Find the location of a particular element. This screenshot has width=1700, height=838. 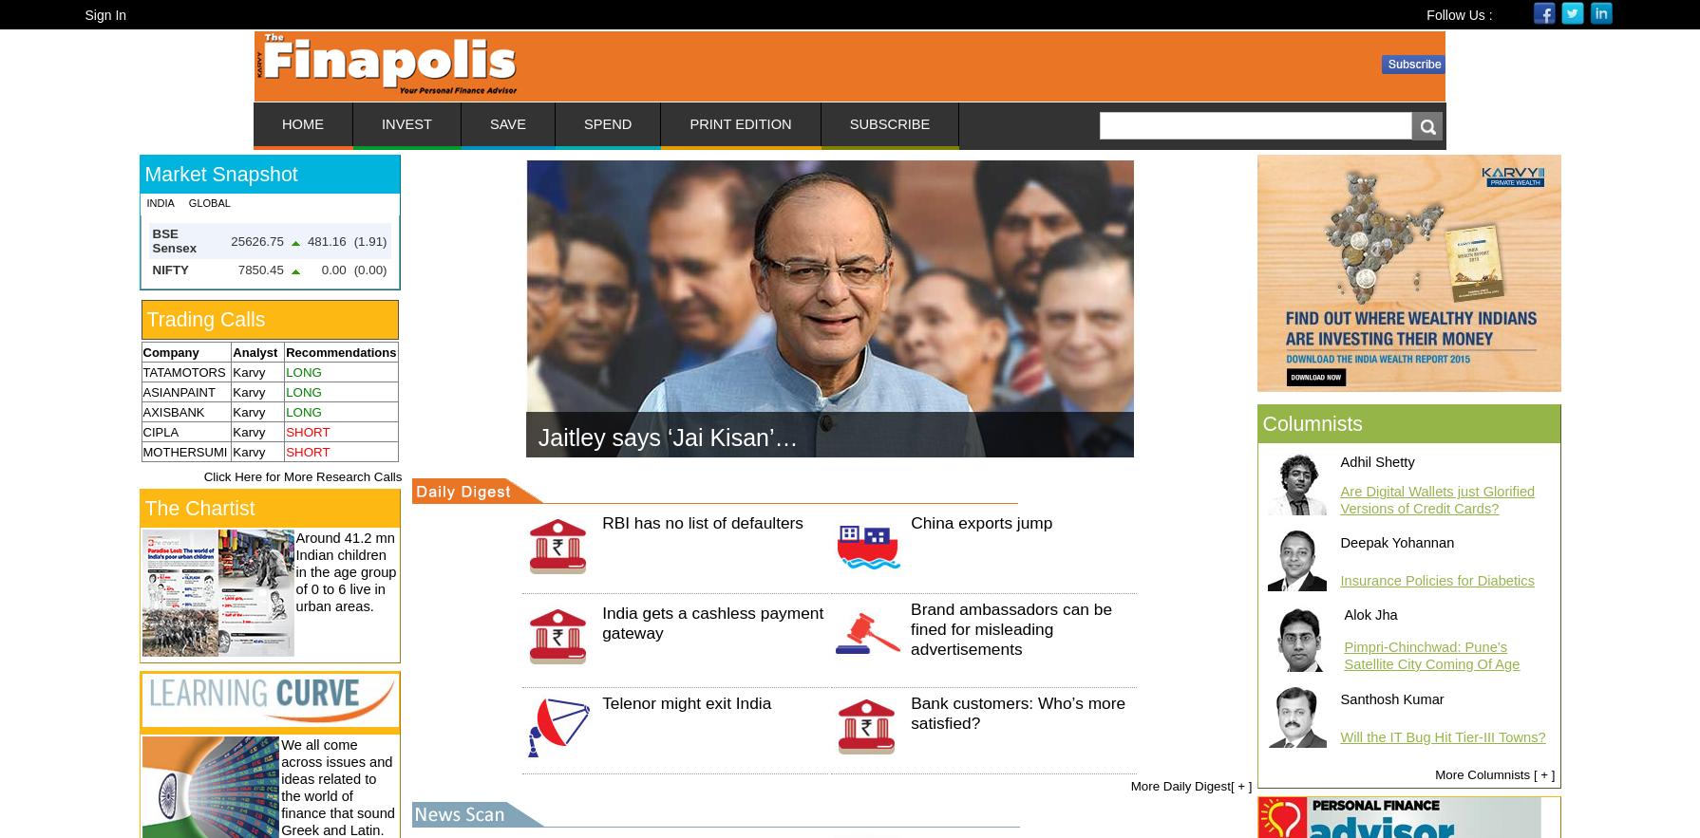

'TATAMOTORS' is located at coordinates (142, 371).